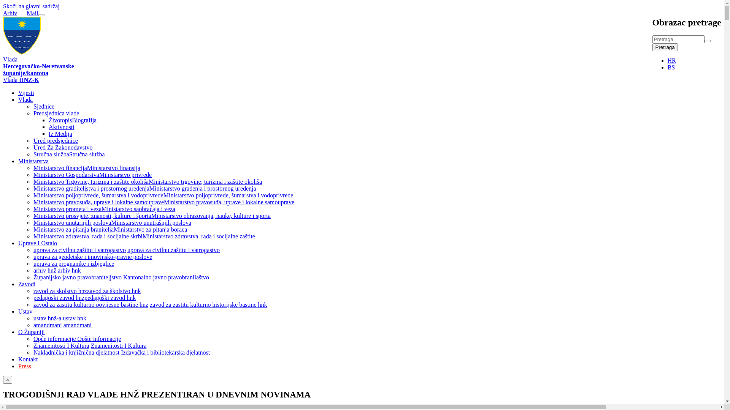  Describe the element at coordinates (125, 175) in the screenshot. I see `'Ministarstvo privrede'` at that location.